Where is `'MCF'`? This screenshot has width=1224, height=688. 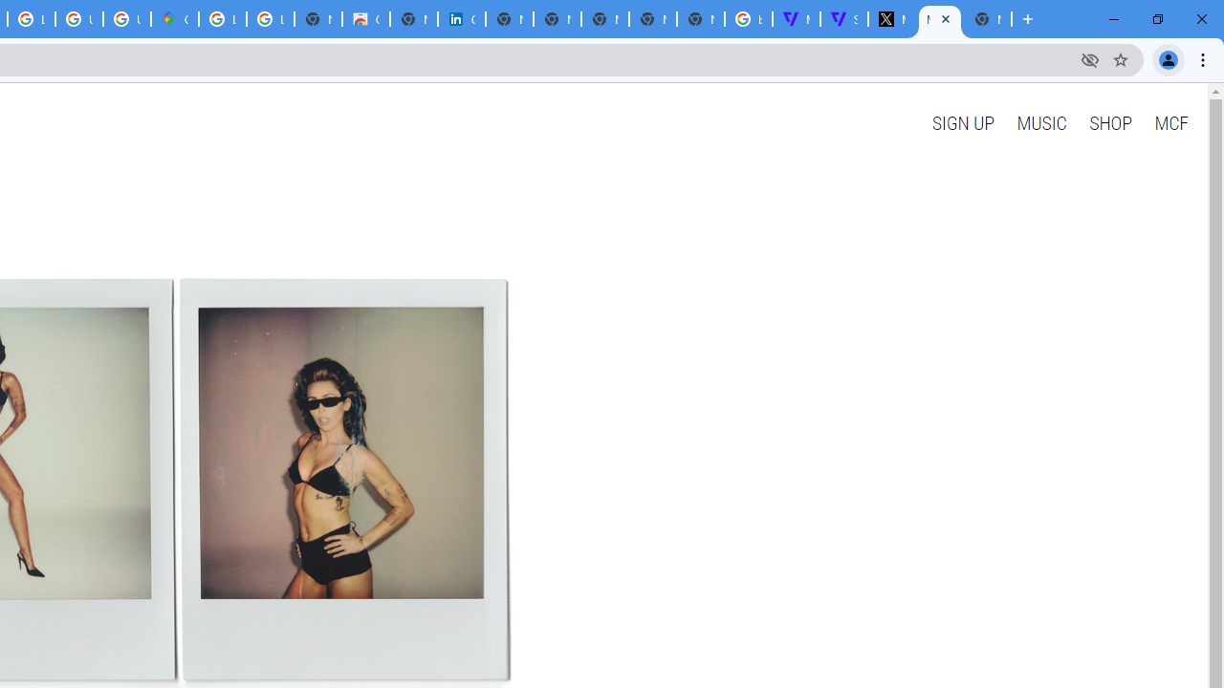
'MCF' is located at coordinates (1169, 122).